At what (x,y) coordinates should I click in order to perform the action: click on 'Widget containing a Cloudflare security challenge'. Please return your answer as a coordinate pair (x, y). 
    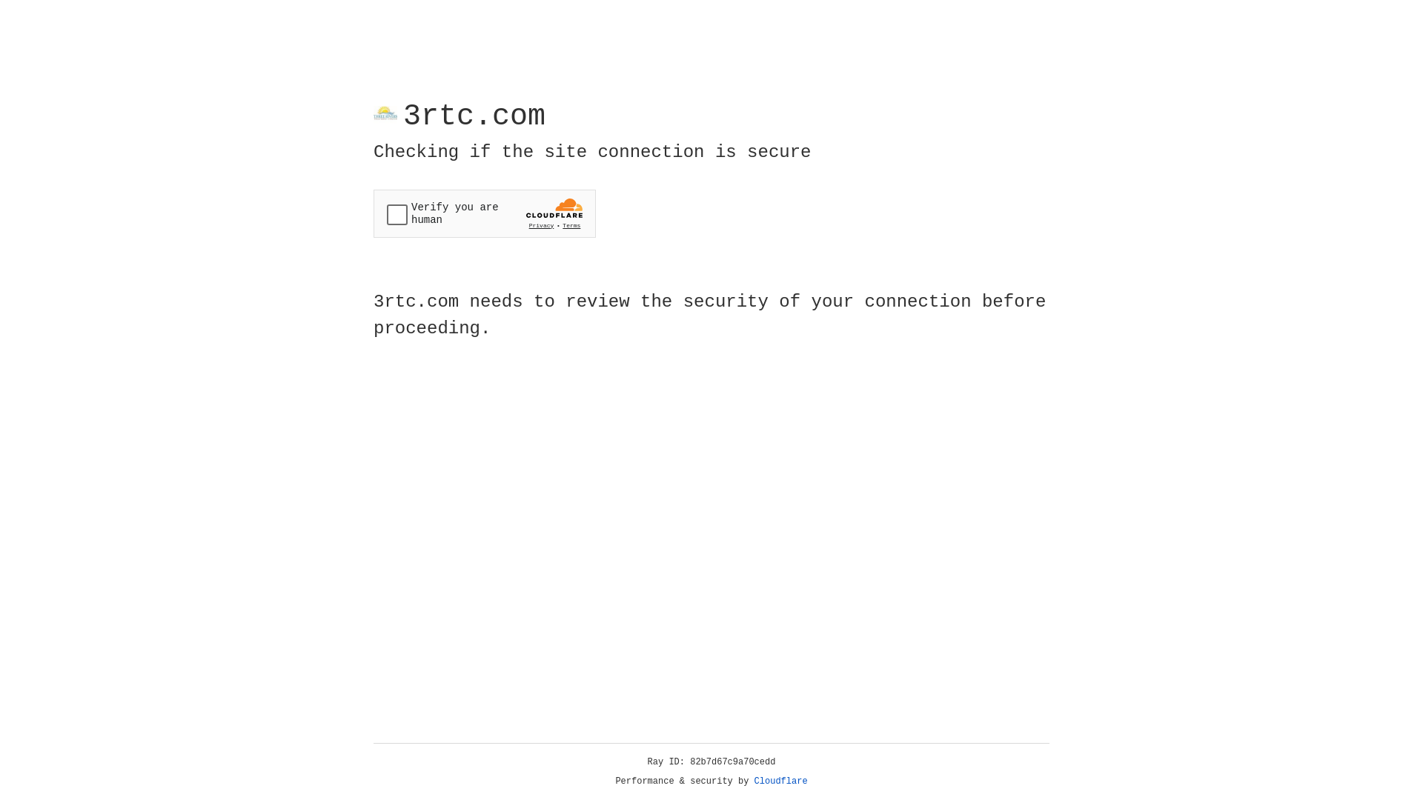
    Looking at the image, I should click on (484, 213).